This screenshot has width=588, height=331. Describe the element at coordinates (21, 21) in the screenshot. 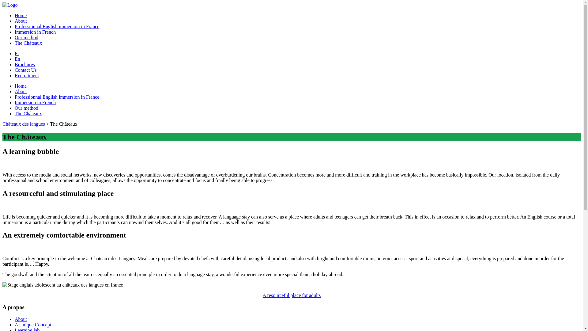

I see `'About'` at that location.